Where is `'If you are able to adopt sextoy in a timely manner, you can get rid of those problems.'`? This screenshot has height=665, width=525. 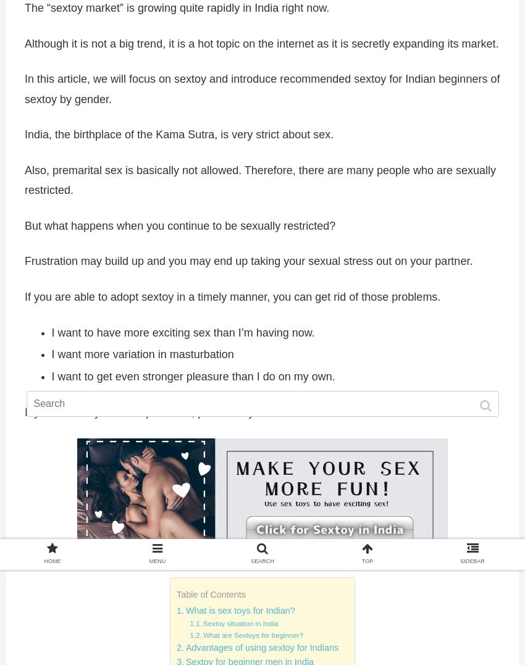 'If you are able to adopt sextoy in a timely manner, you can get rid of those problems.' is located at coordinates (232, 296).